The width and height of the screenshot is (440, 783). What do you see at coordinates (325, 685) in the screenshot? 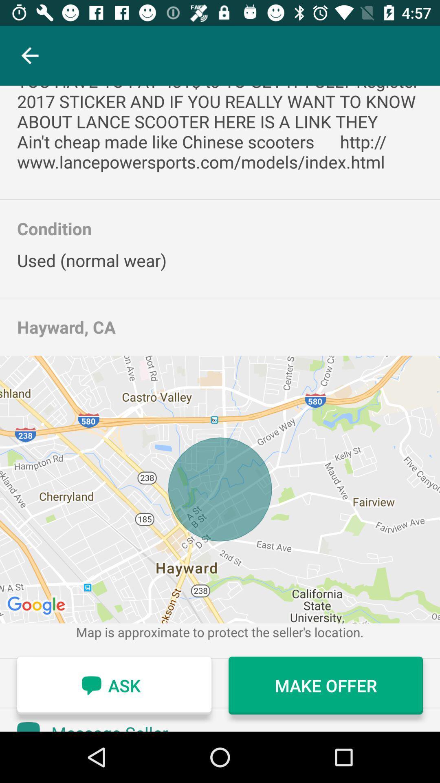
I see `the icon next to ask icon` at bounding box center [325, 685].